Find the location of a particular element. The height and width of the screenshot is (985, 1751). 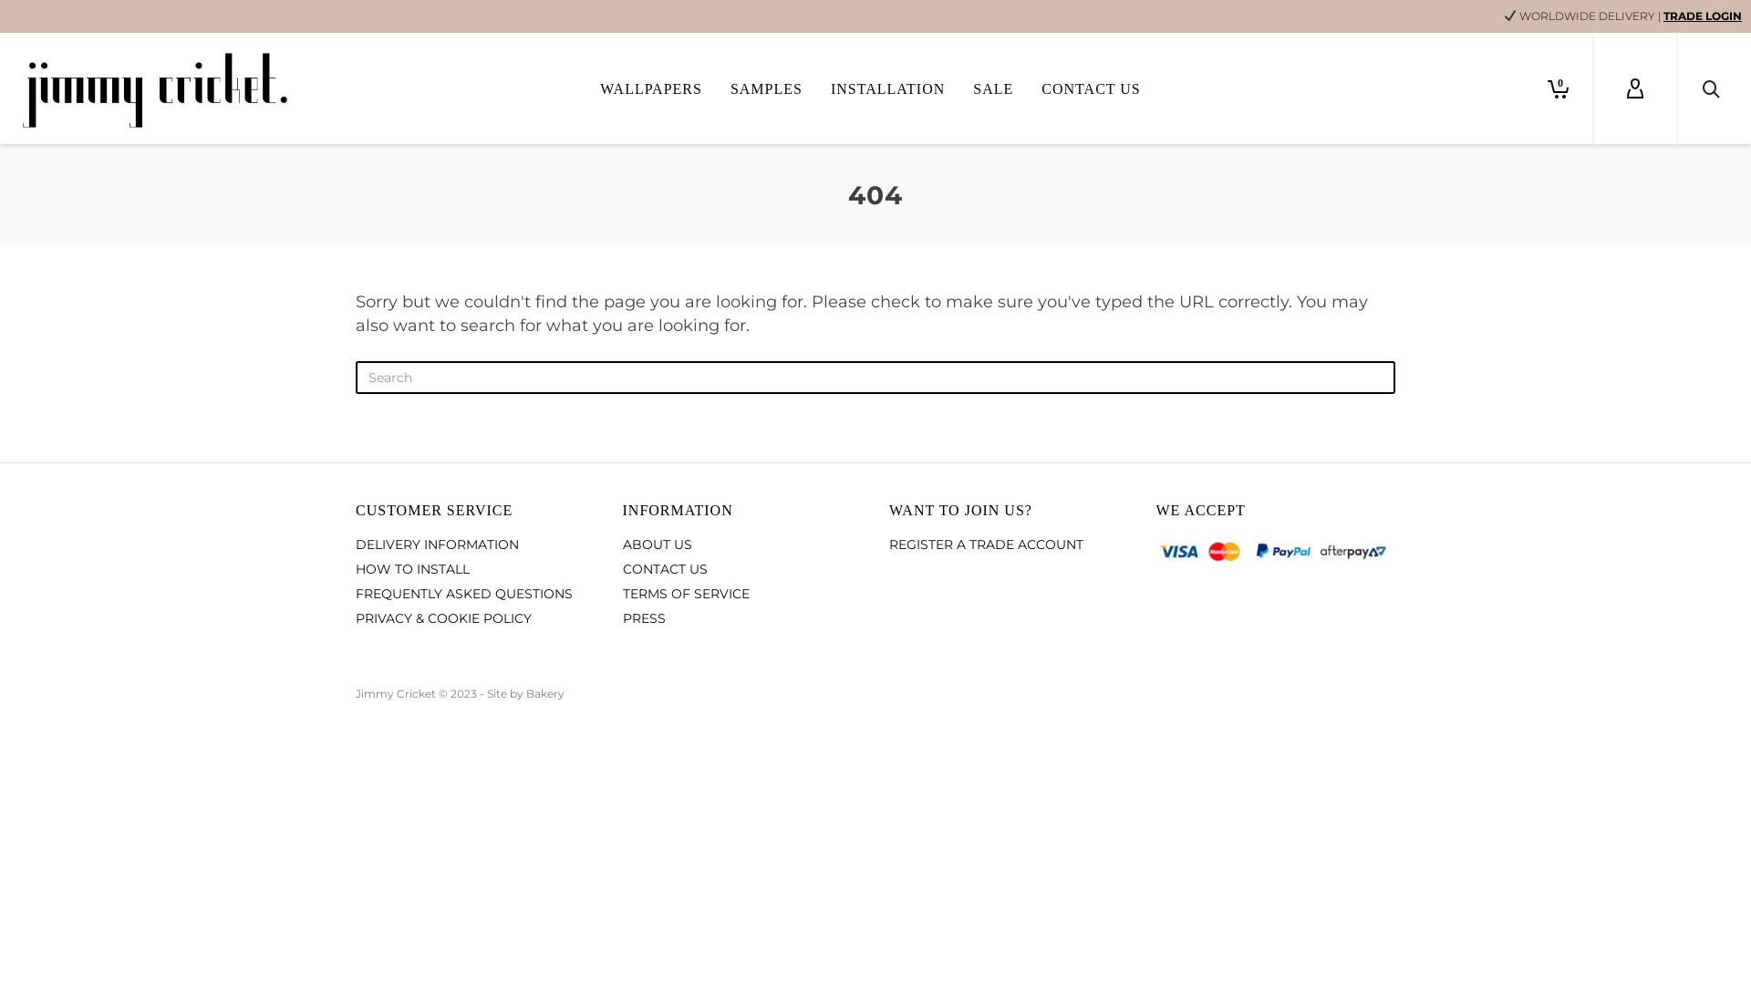

'HOW TO INSTALL' is located at coordinates (475, 568).